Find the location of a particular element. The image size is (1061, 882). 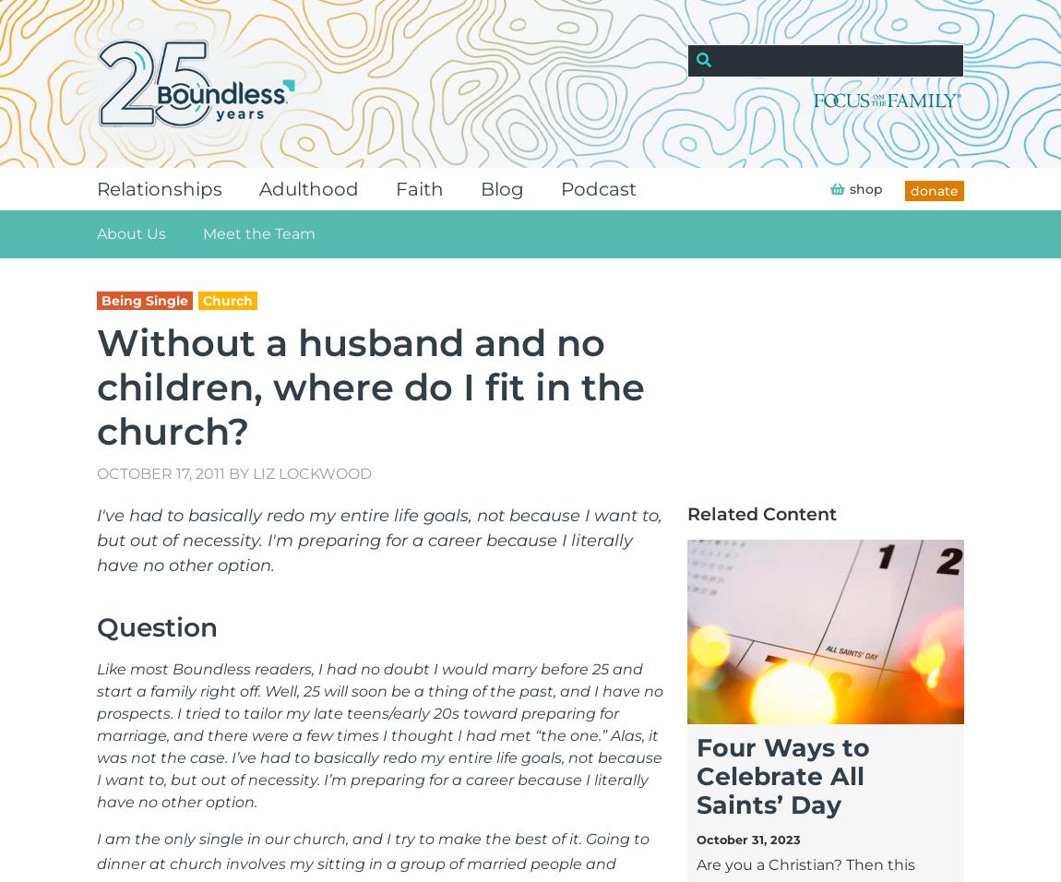

'Church' is located at coordinates (227, 299).